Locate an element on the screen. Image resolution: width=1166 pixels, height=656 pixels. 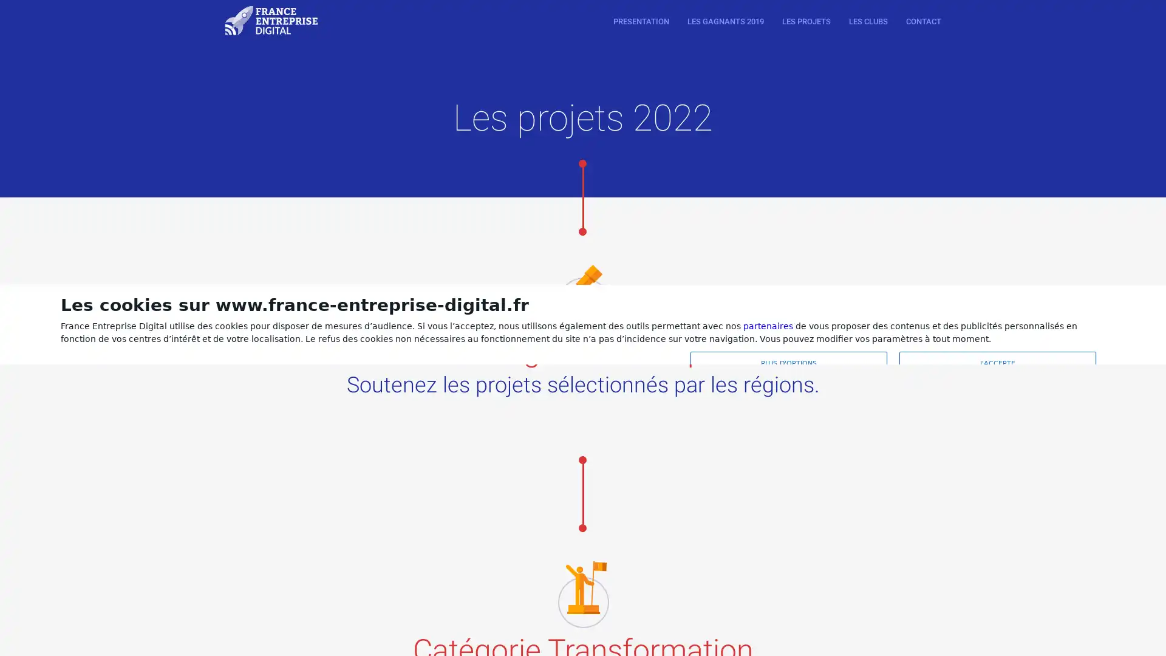
PLUS D'OPTIONS is located at coordinates (787, 360).